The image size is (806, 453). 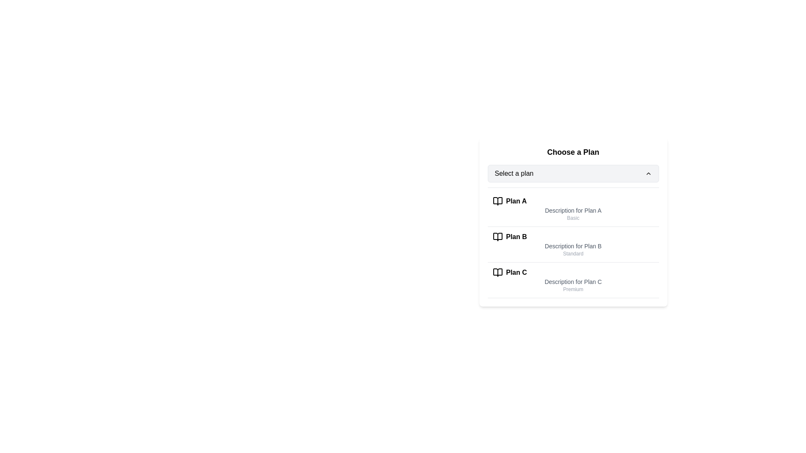 What do you see at coordinates (497, 201) in the screenshot?
I see `the icon representing the 'plan' or 'book' located to the left of the 'Plan A' label in the 'Choose a Plan' interface to possibly reveal a tooltip` at bounding box center [497, 201].